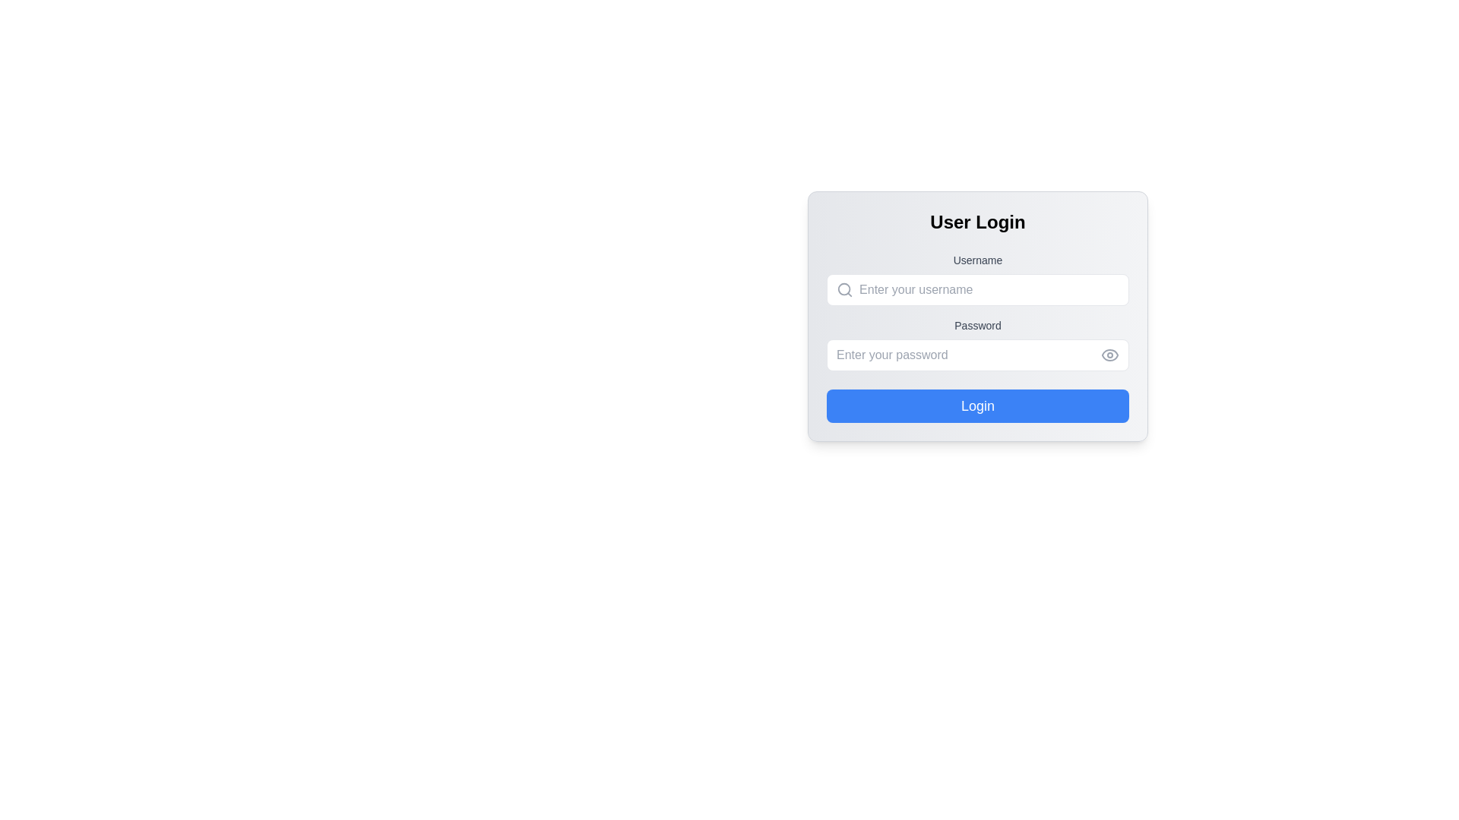  What do you see at coordinates (1109, 355) in the screenshot?
I see `the eye icon button` at bounding box center [1109, 355].